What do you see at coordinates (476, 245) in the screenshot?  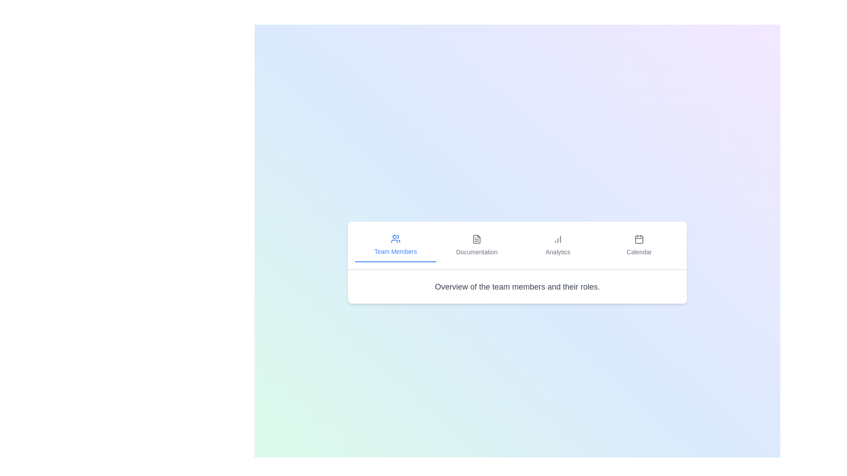 I see `the Documentation tab to view its tooltip` at bounding box center [476, 245].